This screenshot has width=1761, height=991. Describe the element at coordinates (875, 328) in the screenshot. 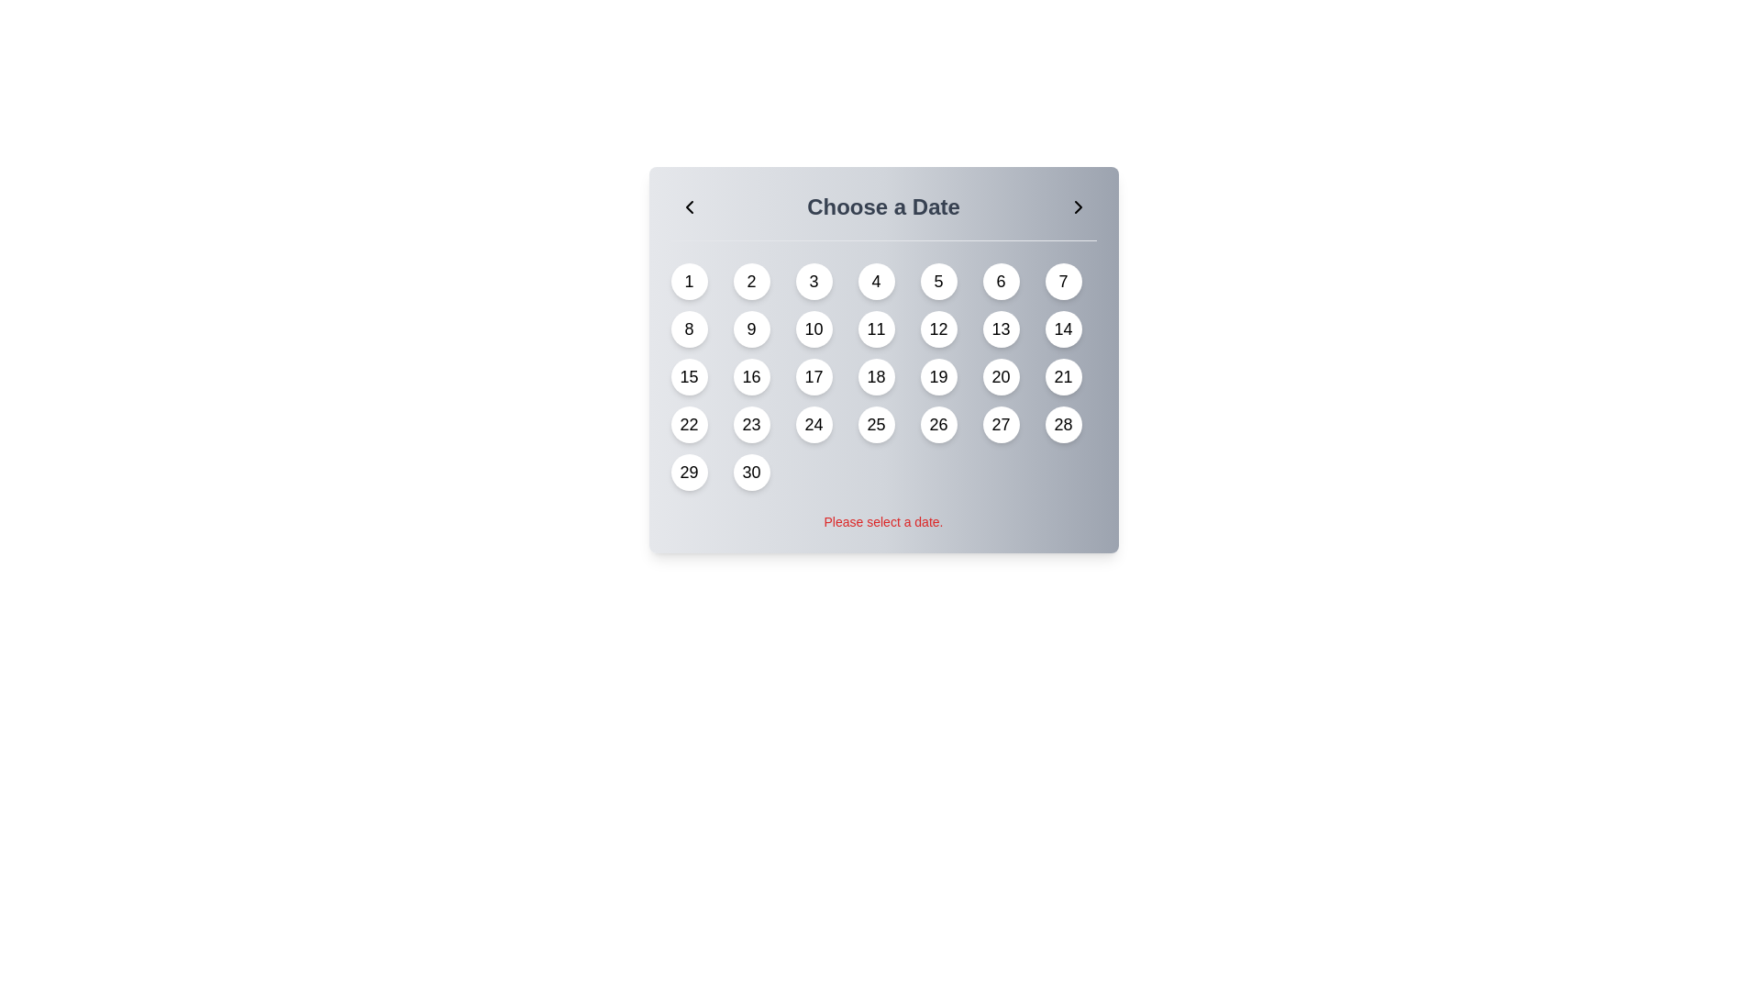

I see `the fourth button in the second row of a grid layout, which represents the selectable date '11'` at that location.